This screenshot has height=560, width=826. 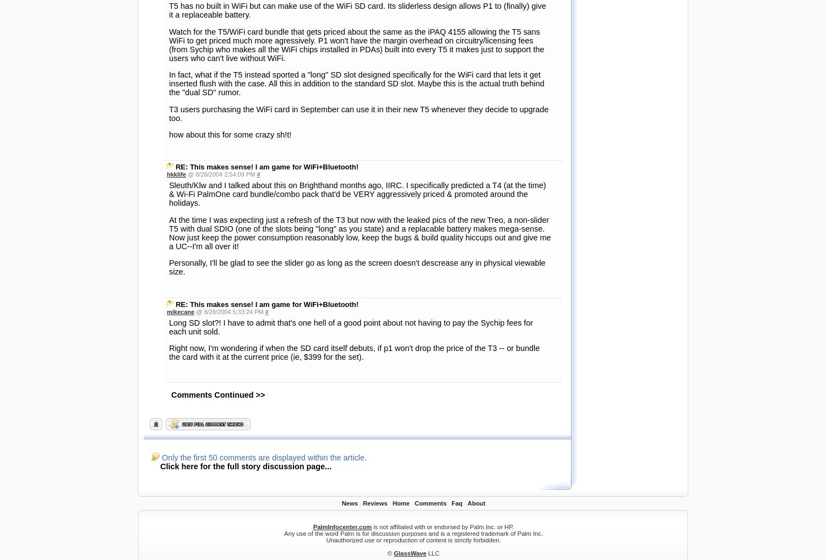 I want to click on 'Long SD slot?!  I have to admit that's one hell of a good point about not having to pay the Sychip fees for each unit sold.', so click(x=351, y=18).